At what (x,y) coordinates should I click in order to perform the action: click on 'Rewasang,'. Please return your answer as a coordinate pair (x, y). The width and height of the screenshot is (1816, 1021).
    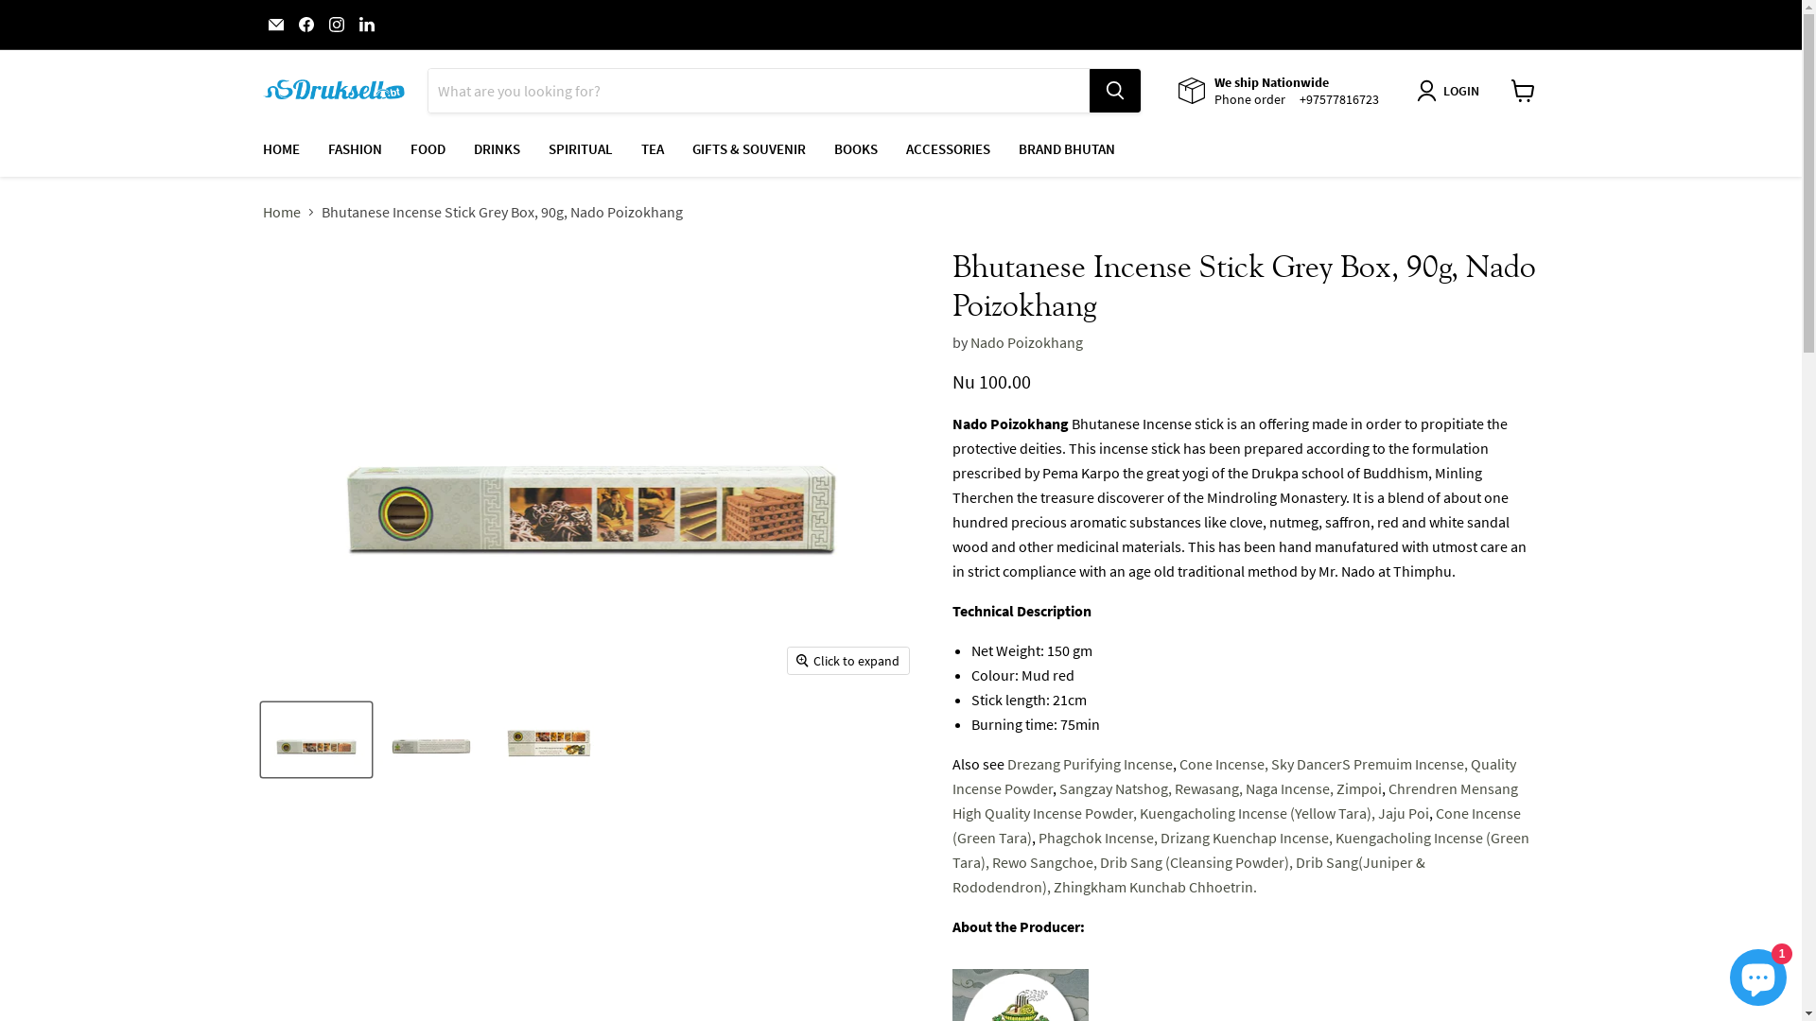
    Looking at the image, I should click on (1174, 787).